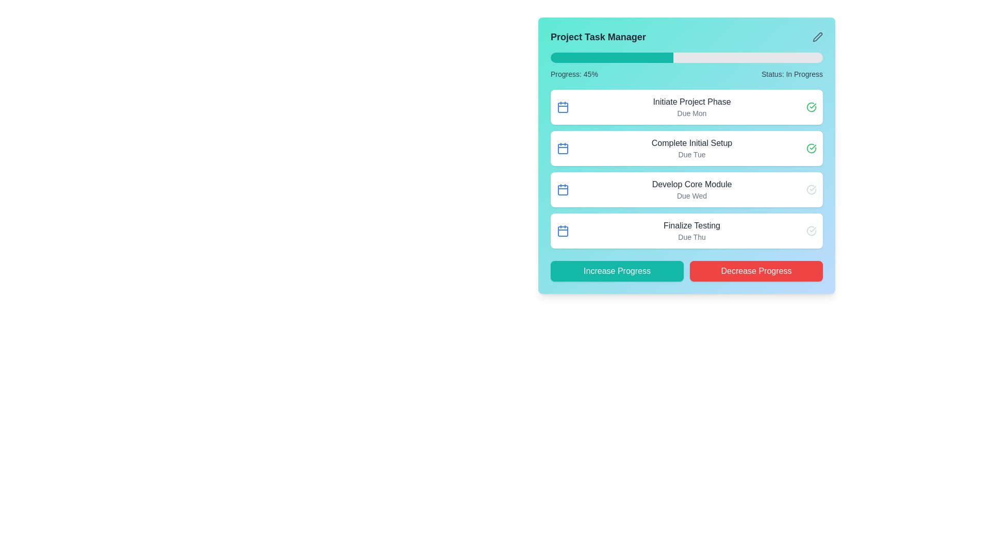  Describe the element at coordinates (686, 230) in the screenshot. I see `the 'Finalize Testing' task item card, which is a rectangular tile with a white background and a blue calendar icon on the left, located` at that location.